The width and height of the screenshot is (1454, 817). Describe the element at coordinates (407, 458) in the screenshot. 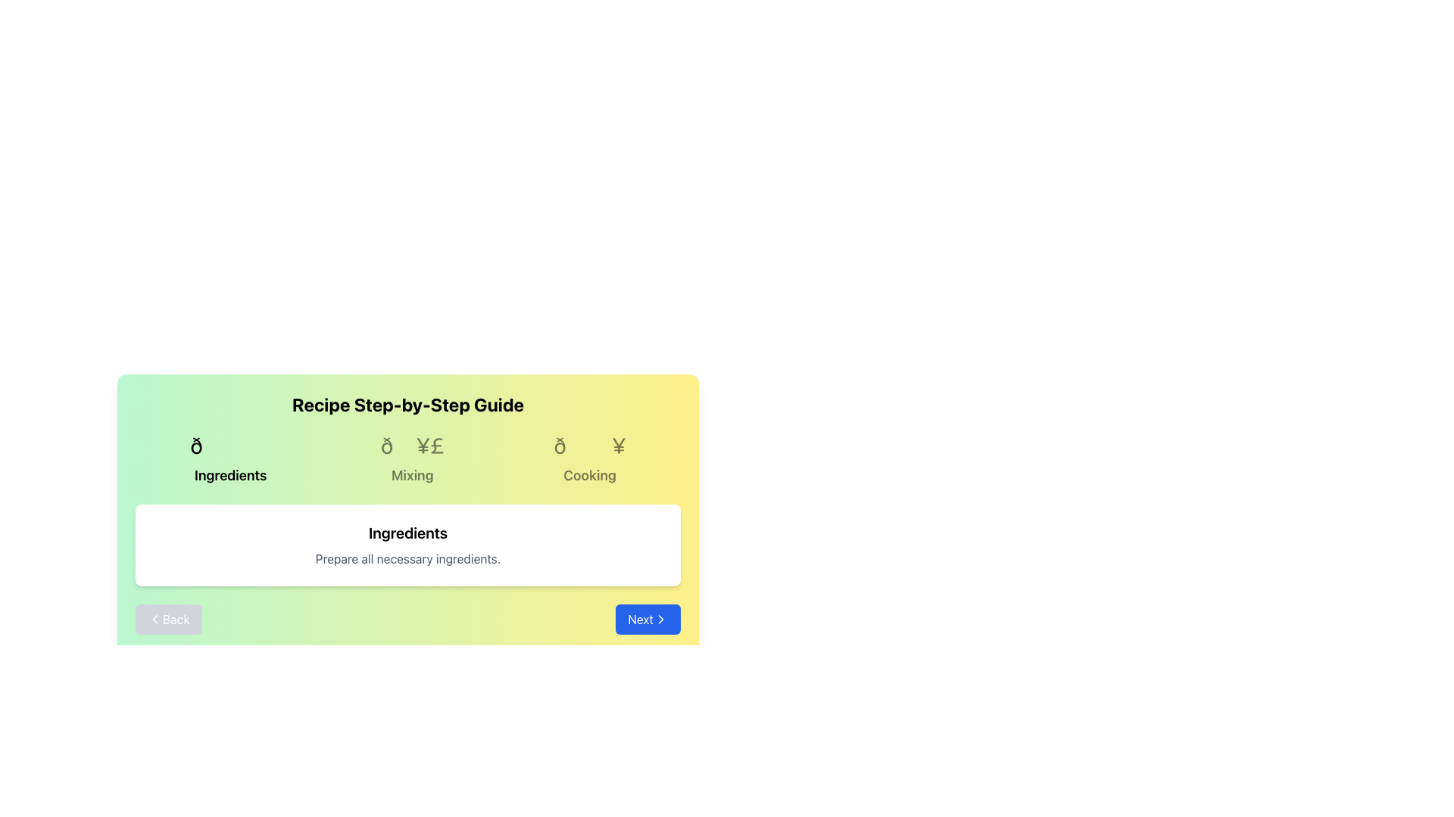

I see `the middle section of the Navigational step or tab menu labeled 'Mixing', which is centrally positioned between the 'Ingredients' and 'Cooking' sections` at that location.